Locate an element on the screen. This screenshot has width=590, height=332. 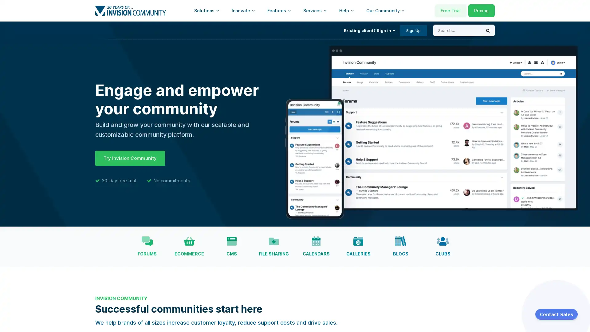
Features is located at coordinates (279, 10).